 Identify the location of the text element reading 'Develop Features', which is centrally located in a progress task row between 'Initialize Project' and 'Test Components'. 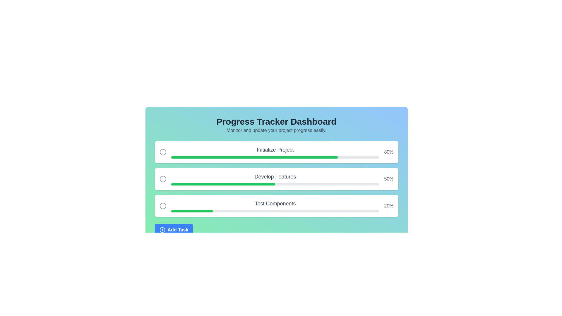
(275, 176).